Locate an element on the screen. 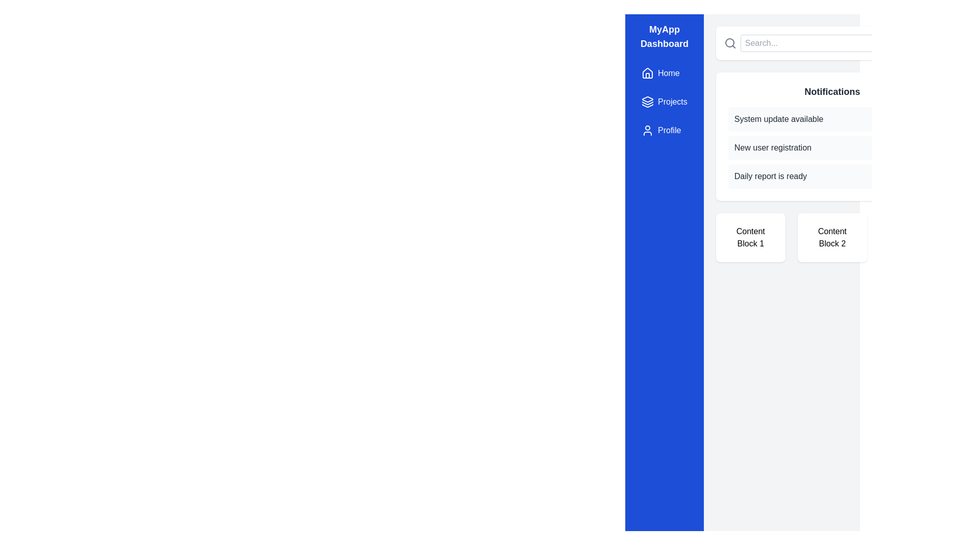 Image resolution: width=980 pixels, height=551 pixels. the 'Home' text label in the left sidebar navigation menu, which is positioned below the title 'MyApp Dashboard' and next to a house icon is located at coordinates (669, 72).